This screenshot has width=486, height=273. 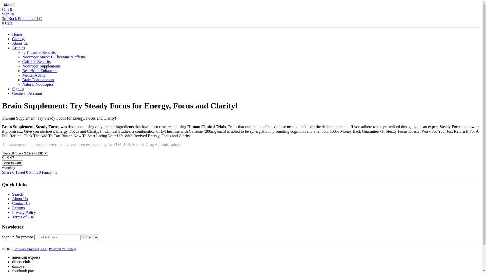 I want to click on 'Terms of Use', so click(x=12, y=217).